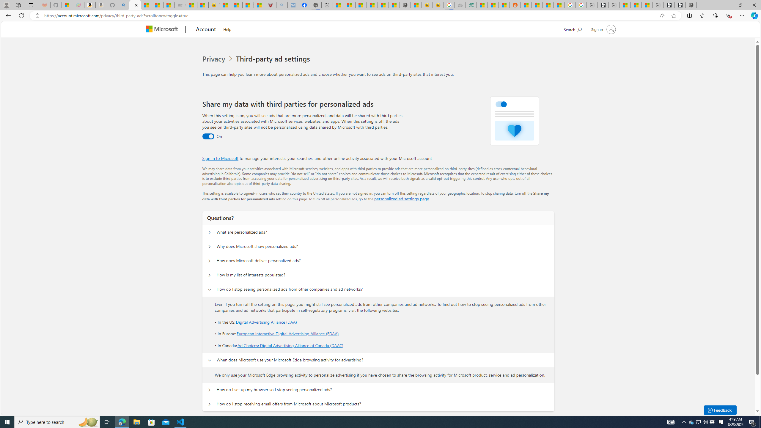 This screenshot has height=428, width=761. Describe the element at coordinates (290, 345) in the screenshot. I see `'Ad Choices: Digital Advertising Alliance of Canada (DAAC)'` at that location.